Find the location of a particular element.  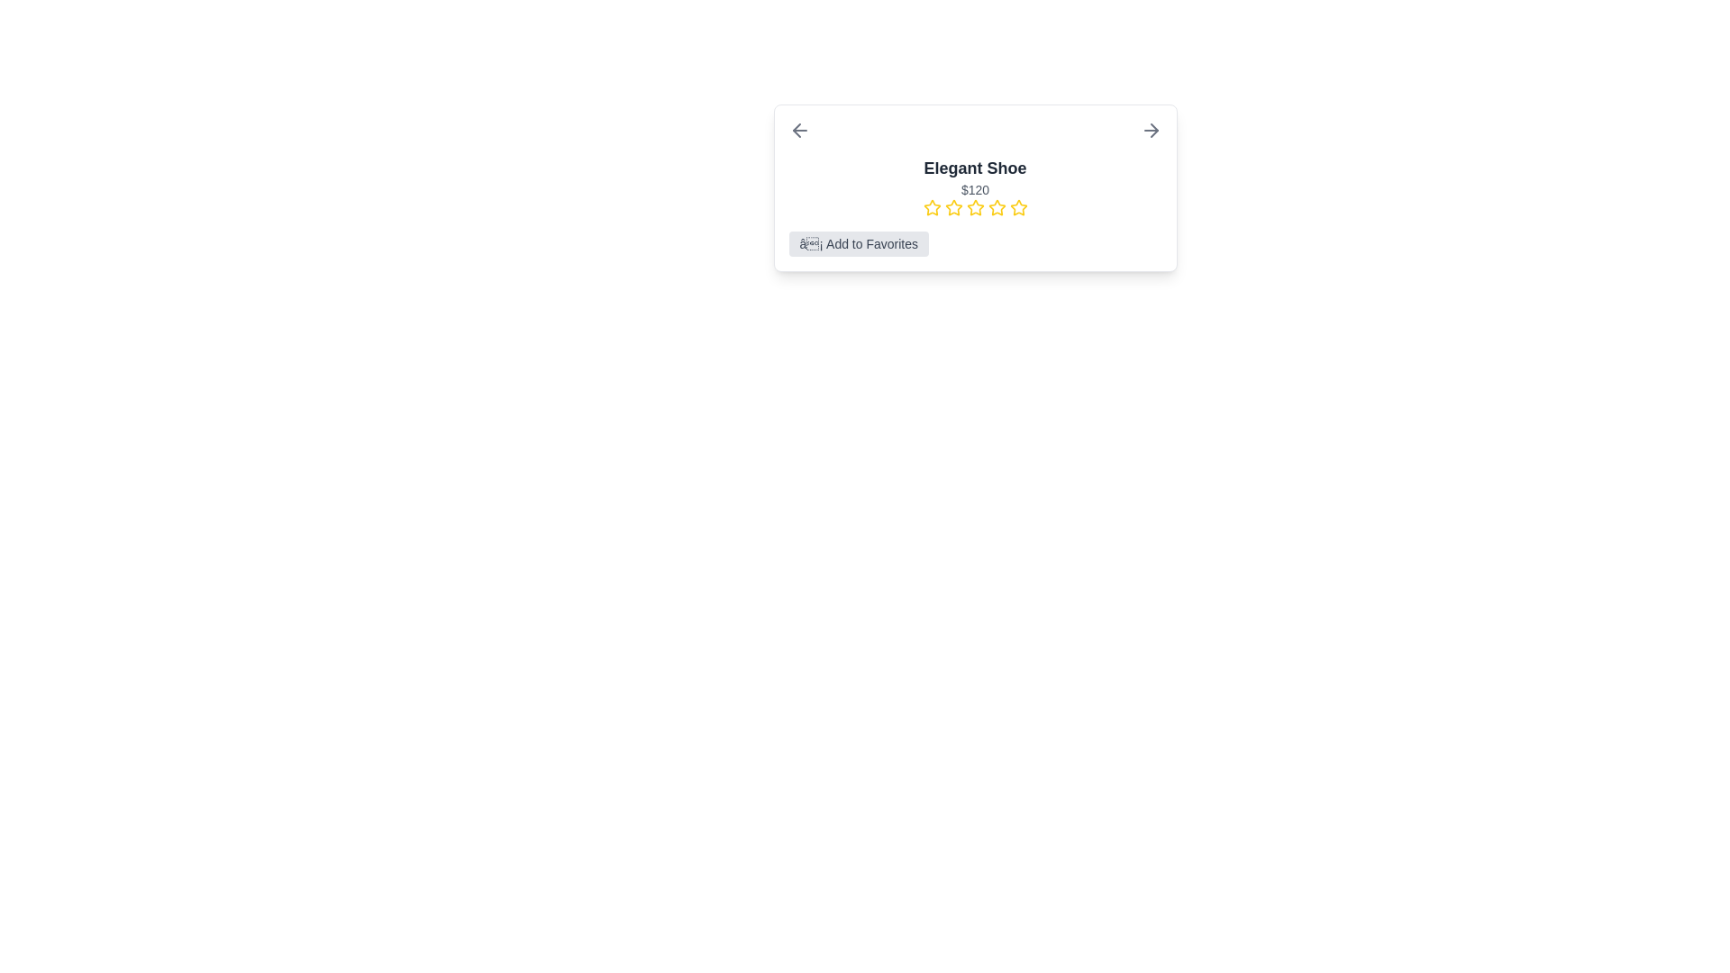

the 'Add to Favorites' button for the 'Elegant Shoe' is located at coordinates (858, 243).